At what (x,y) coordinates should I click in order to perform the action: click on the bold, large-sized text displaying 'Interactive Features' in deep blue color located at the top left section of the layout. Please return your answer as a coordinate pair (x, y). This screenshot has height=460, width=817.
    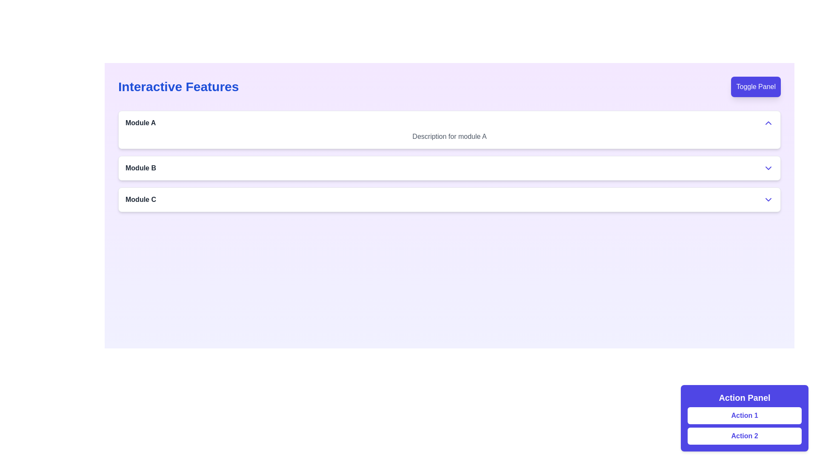
    Looking at the image, I should click on (178, 87).